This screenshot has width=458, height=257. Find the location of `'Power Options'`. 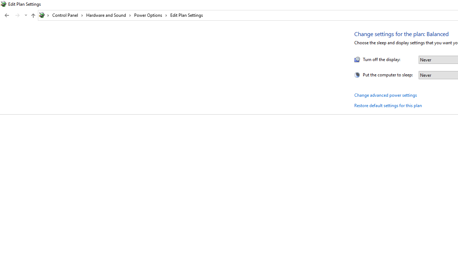

'Power Options' is located at coordinates (150, 15).